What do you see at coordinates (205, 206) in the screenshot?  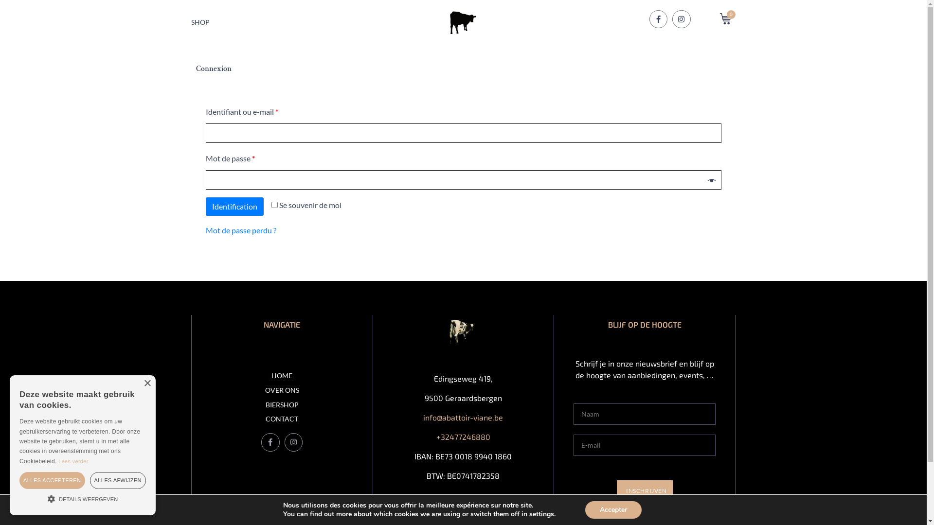 I see `'Identification'` at bounding box center [205, 206].